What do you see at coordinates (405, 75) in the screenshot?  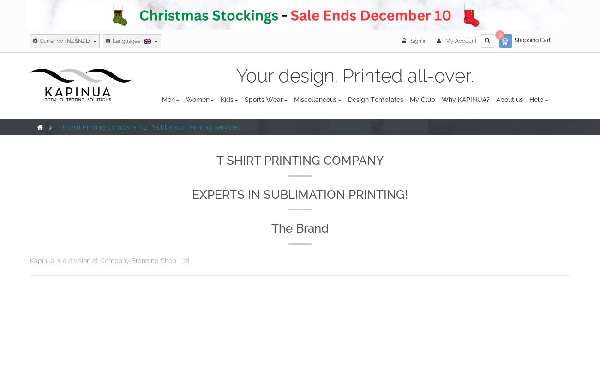 I see `'Printed all-over.'` at bounding box center [405, 75].